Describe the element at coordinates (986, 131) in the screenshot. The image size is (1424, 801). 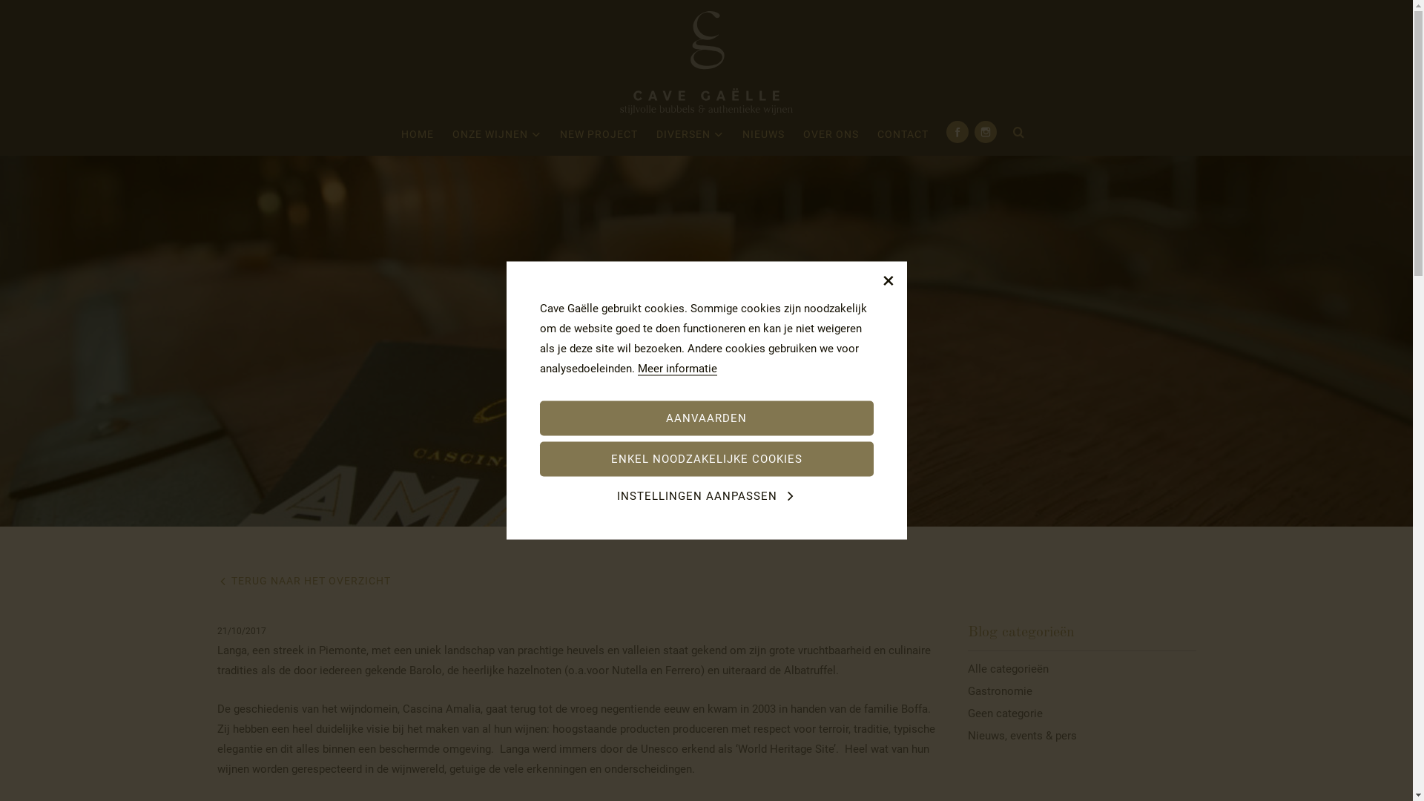
I see `'Volg ons op Instagram'` at that location.